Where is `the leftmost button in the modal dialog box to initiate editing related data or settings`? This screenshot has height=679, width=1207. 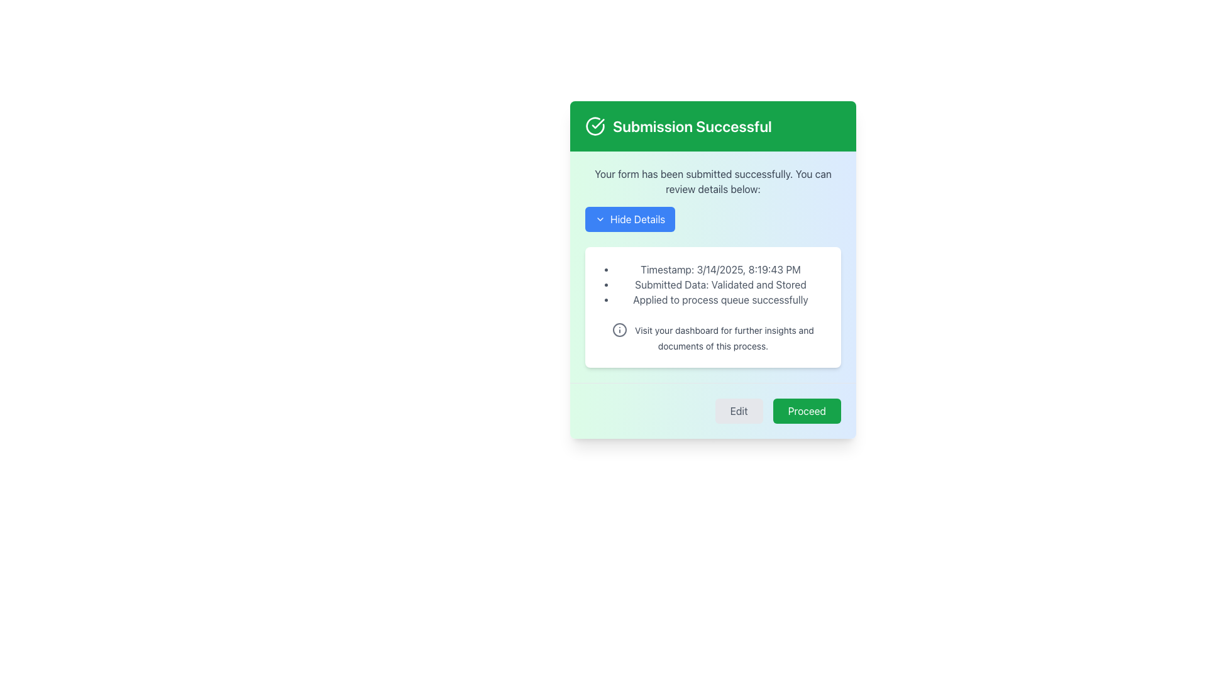 the leftmost button in the modal dialog box to initiate editing related data or settings is located at coordinates (739, 411).